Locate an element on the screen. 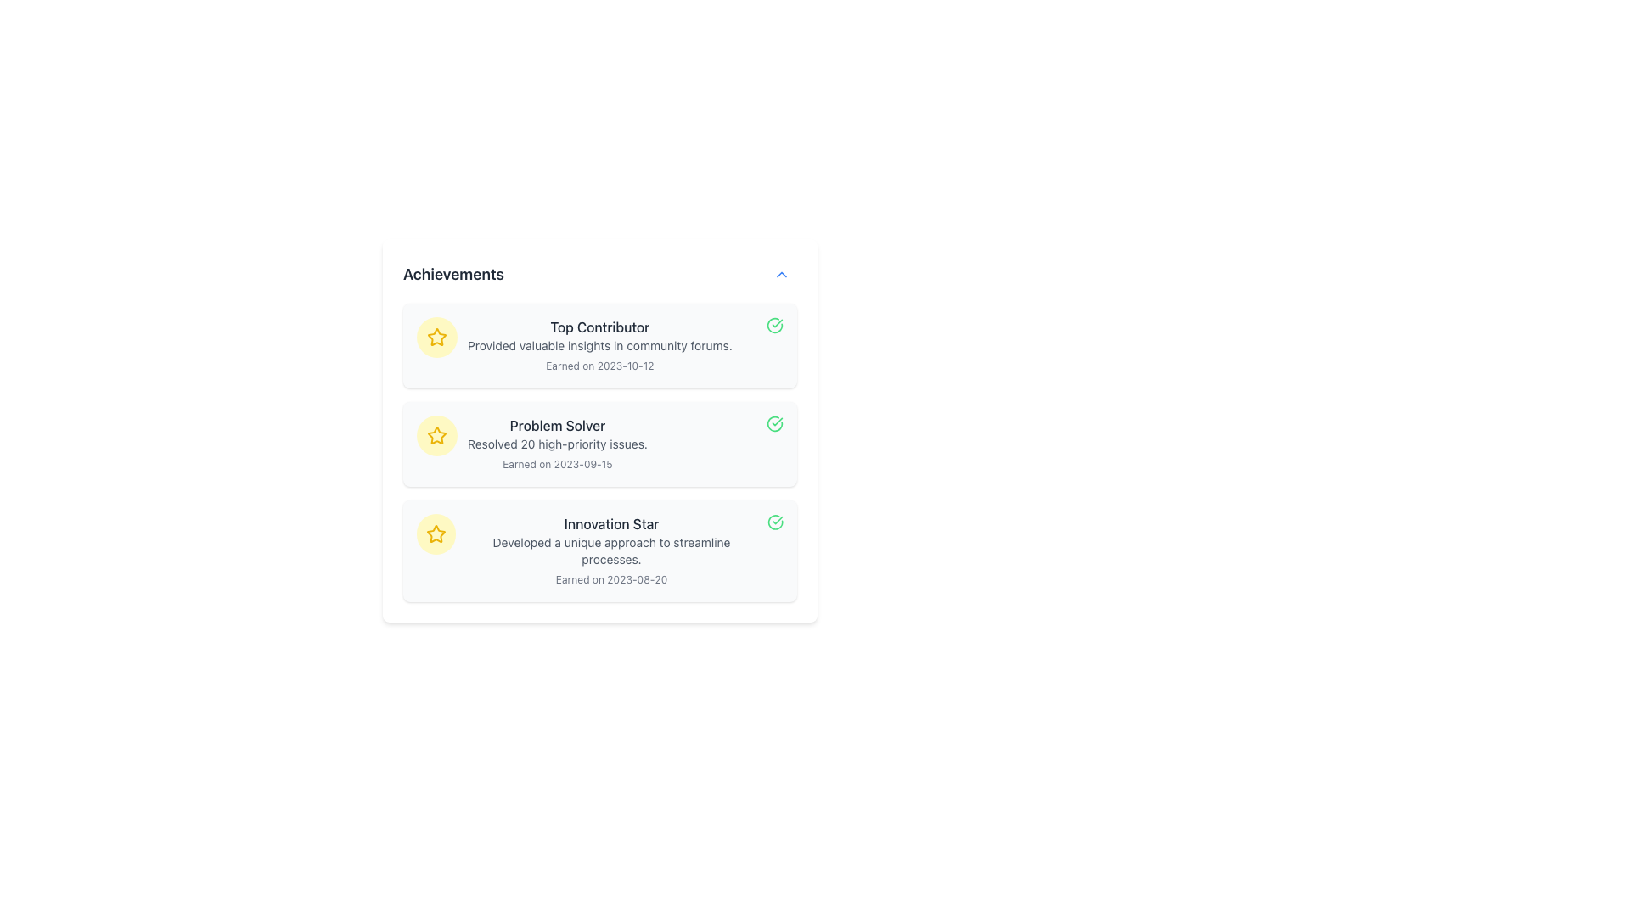 Image resolution: width=1630 pixels, height=916 pixels. the button located at the right end of the title bar of the 'Achievements' section is located at coordinates (781, 274).